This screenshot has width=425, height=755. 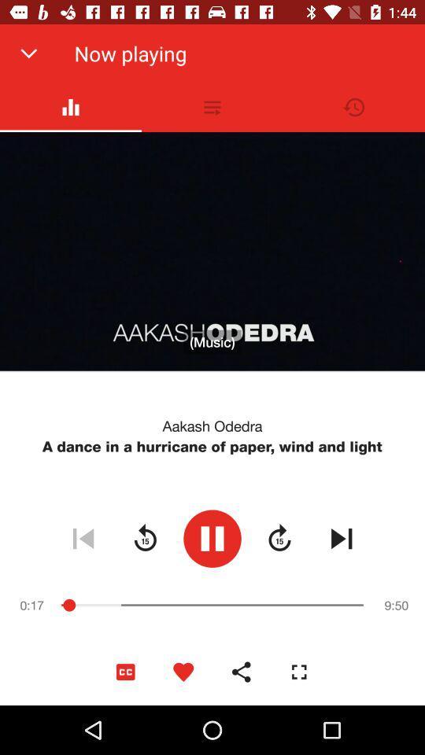 I want to click on the fourth option from the last, so click(x=125, y=671).